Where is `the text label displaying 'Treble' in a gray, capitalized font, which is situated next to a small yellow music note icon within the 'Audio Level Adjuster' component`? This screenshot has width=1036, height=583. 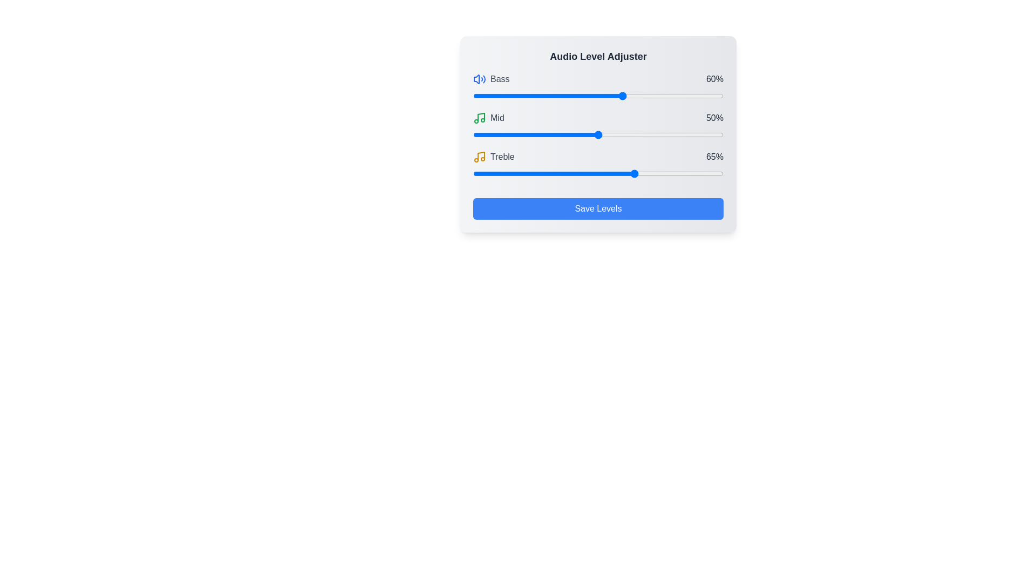 the text label displaying 'Treble' in a gray, capitalized font, which is situated next to a small yellow music note icon within the 'Audio Level Adjuster' component is located at coordinates (502, 157).